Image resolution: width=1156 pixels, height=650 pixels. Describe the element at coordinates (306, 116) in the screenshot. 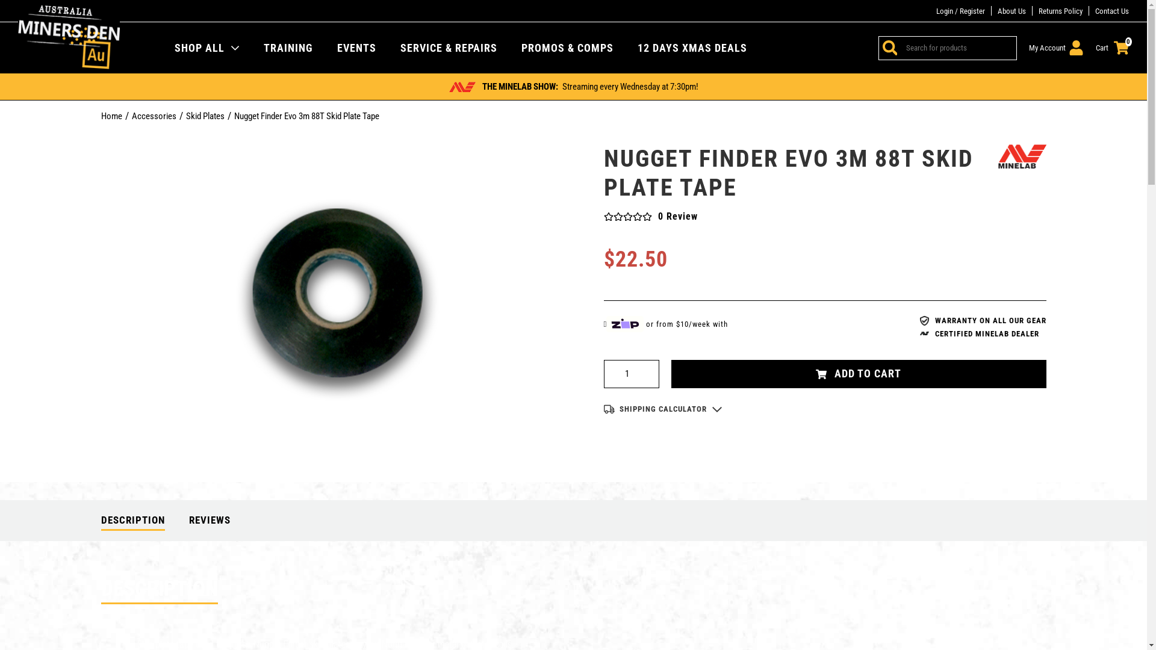

I see `'Nugget Finder Evo 3m 88T Skid Plate Tape'` at that location.